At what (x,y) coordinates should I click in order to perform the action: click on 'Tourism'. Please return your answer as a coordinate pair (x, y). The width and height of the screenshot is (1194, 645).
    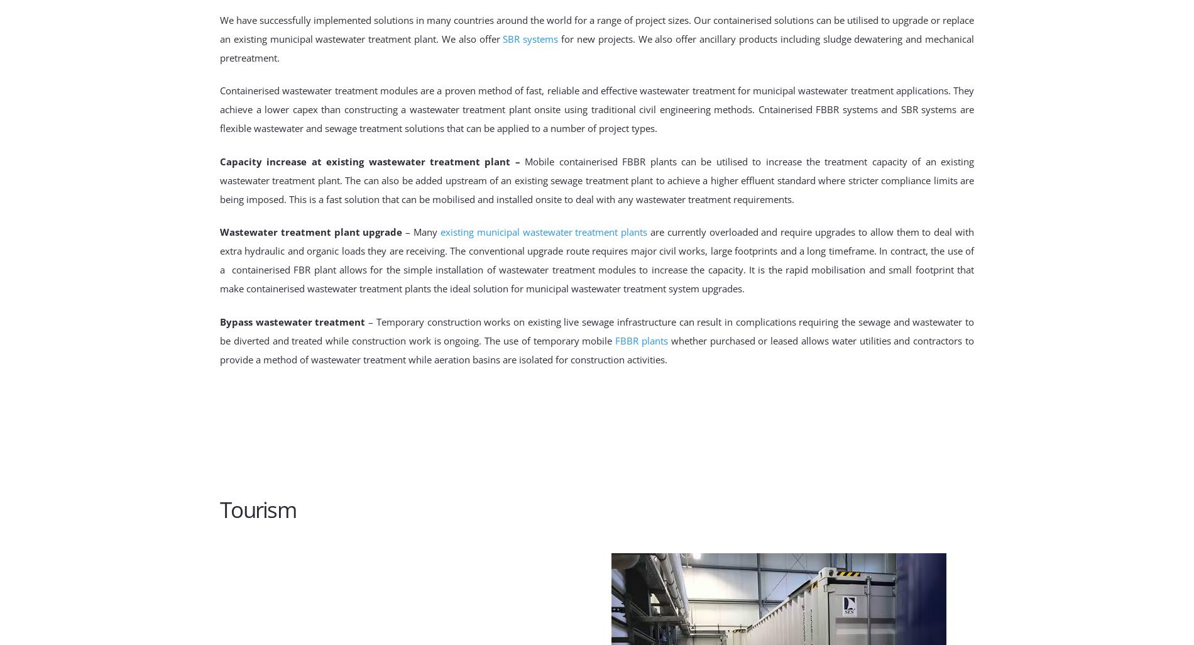
    Looking at the image, I should click on (257, 508).